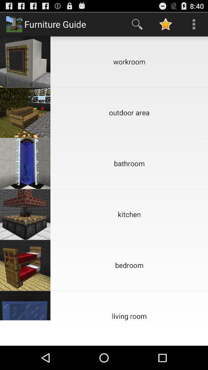 The image size is (208, 370). What do you see at coordinates (129, 112) in the screenshot?
I see `the outdoor area` at bounding box center [129, 112].